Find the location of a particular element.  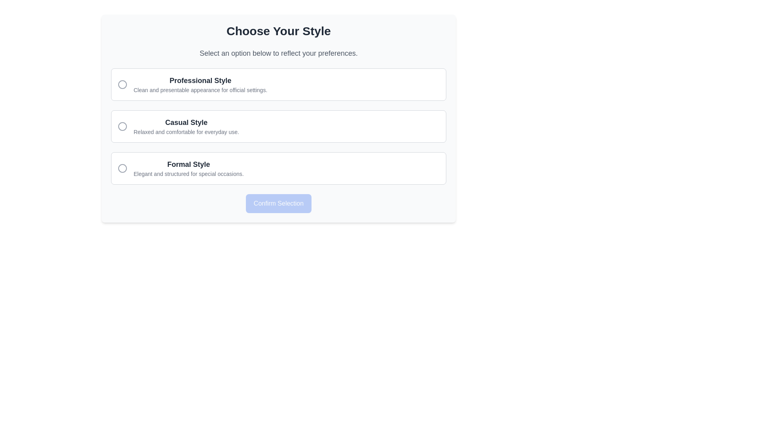

the circular radio button indicator to the left of the 'Professional Style' option is located at coordinates (122, 84).